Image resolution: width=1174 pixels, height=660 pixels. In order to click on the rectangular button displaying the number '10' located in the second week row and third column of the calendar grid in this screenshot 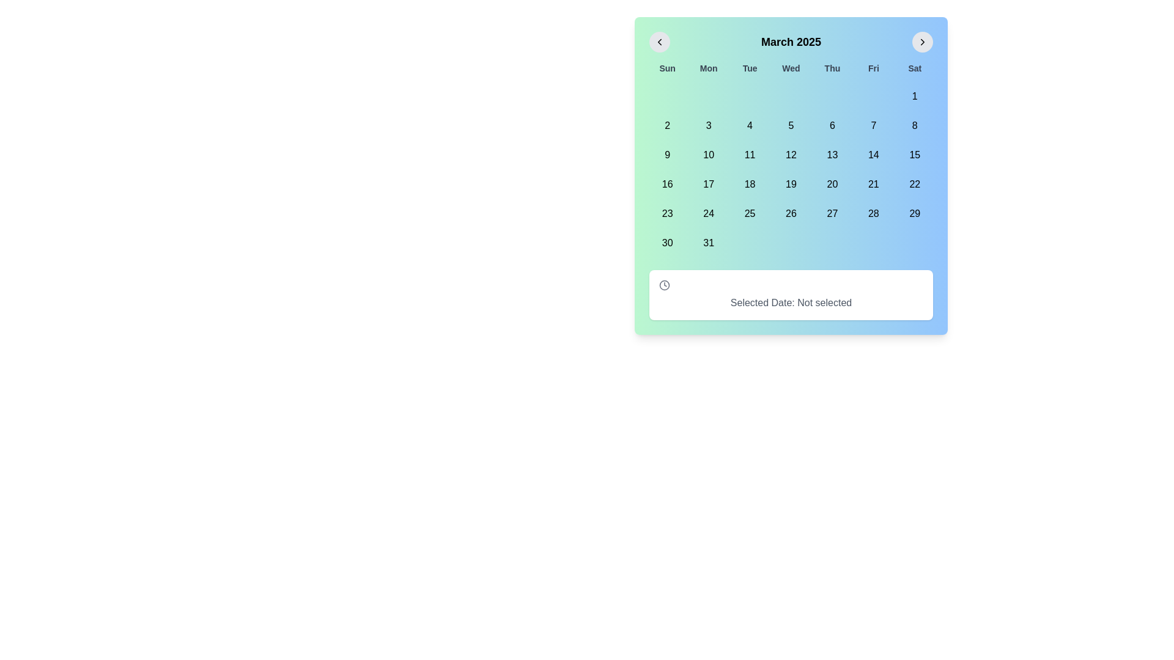, I will do `click(709, 155)`.